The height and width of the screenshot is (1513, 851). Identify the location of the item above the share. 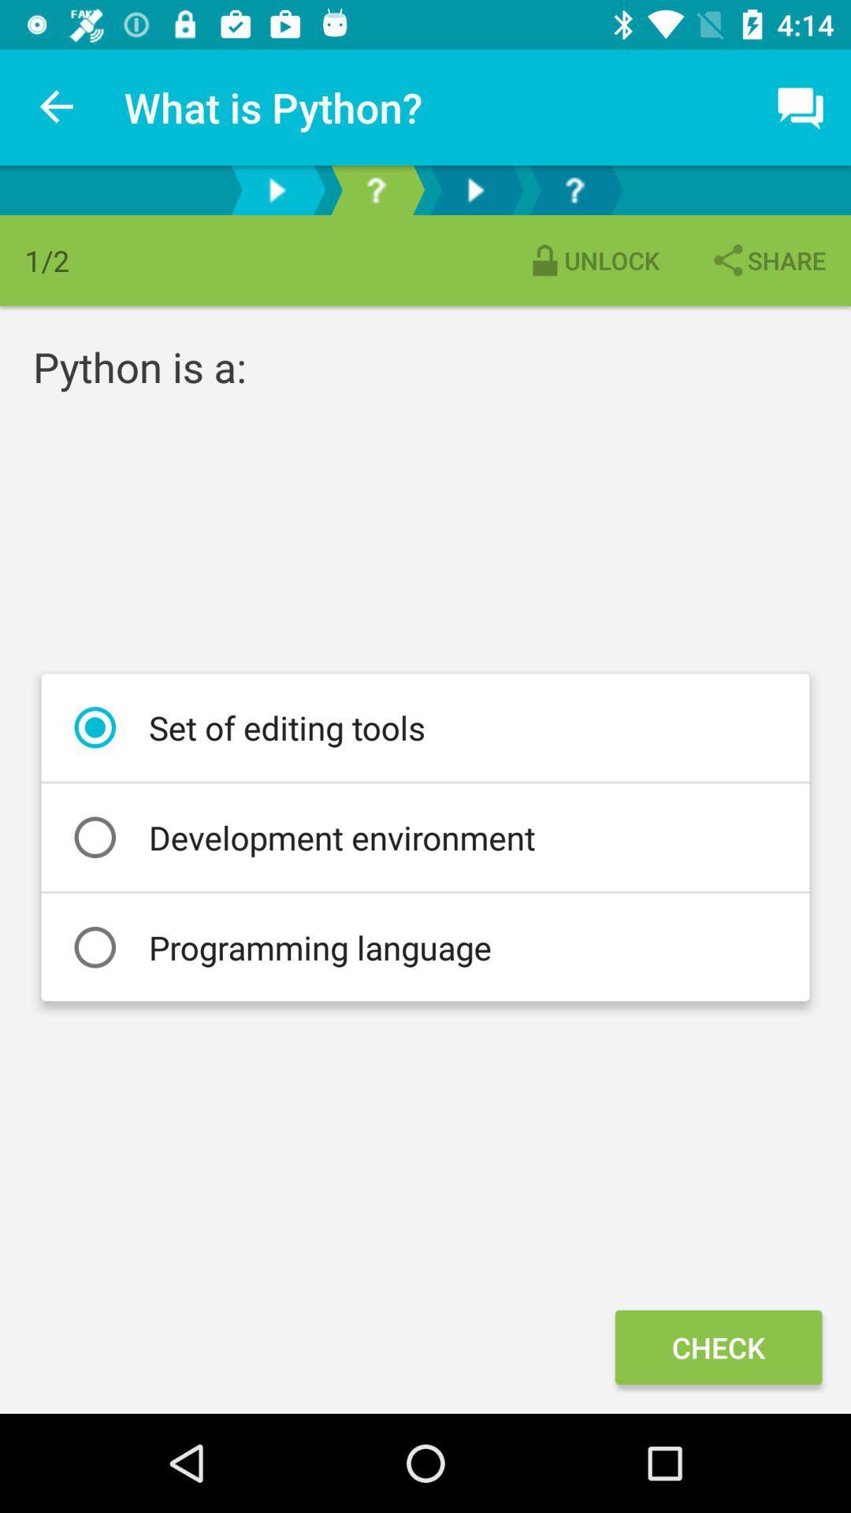
(801, 106).